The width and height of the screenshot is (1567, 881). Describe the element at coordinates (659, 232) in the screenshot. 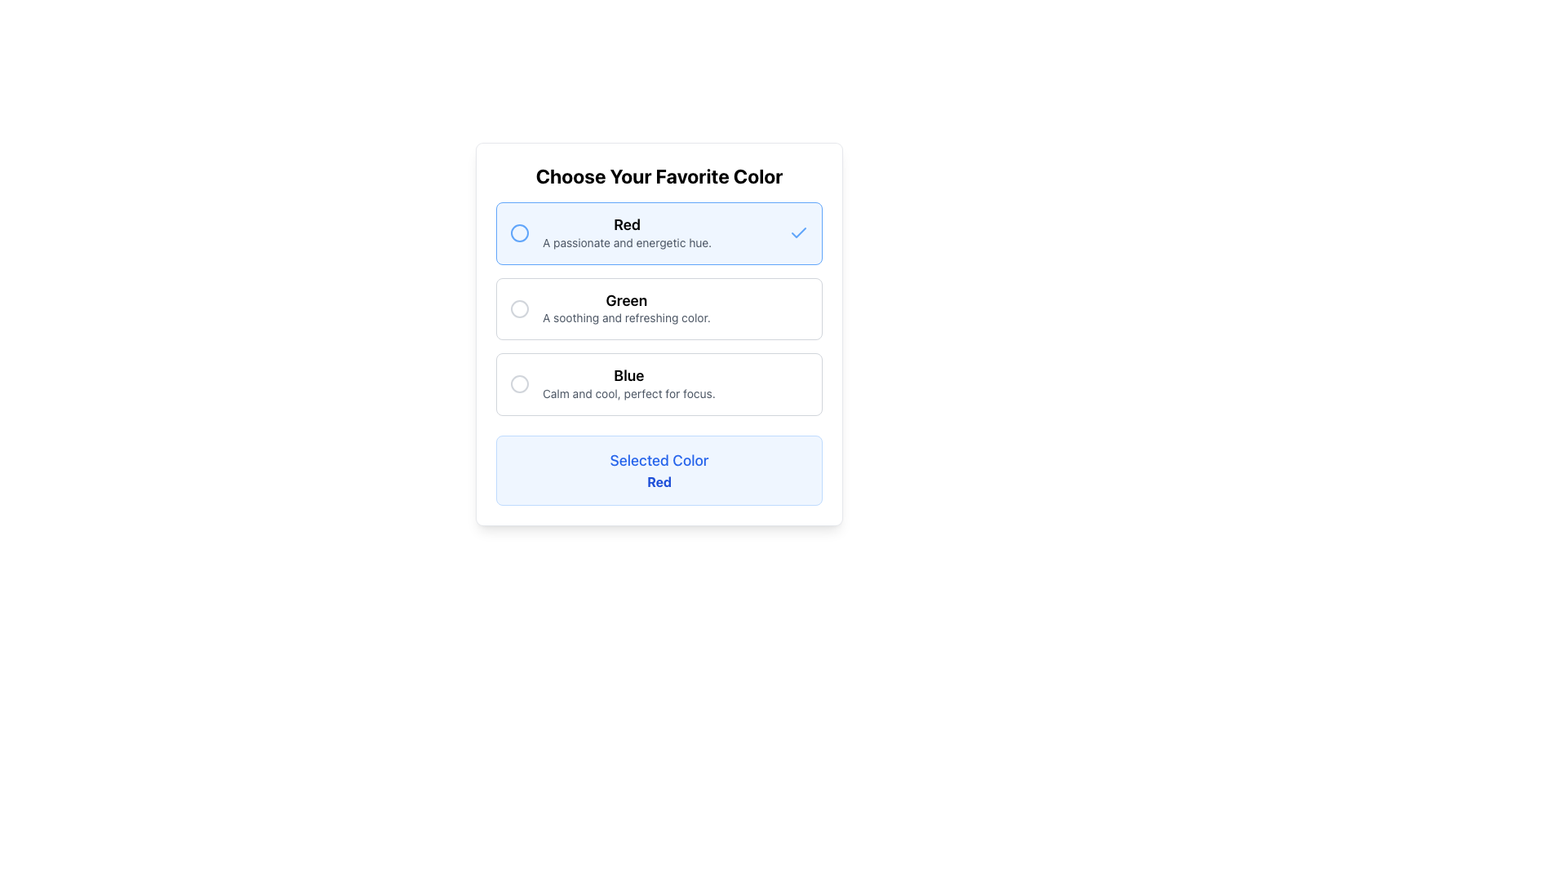

I see `the first option selectable item labeled 'Red'` at that location.